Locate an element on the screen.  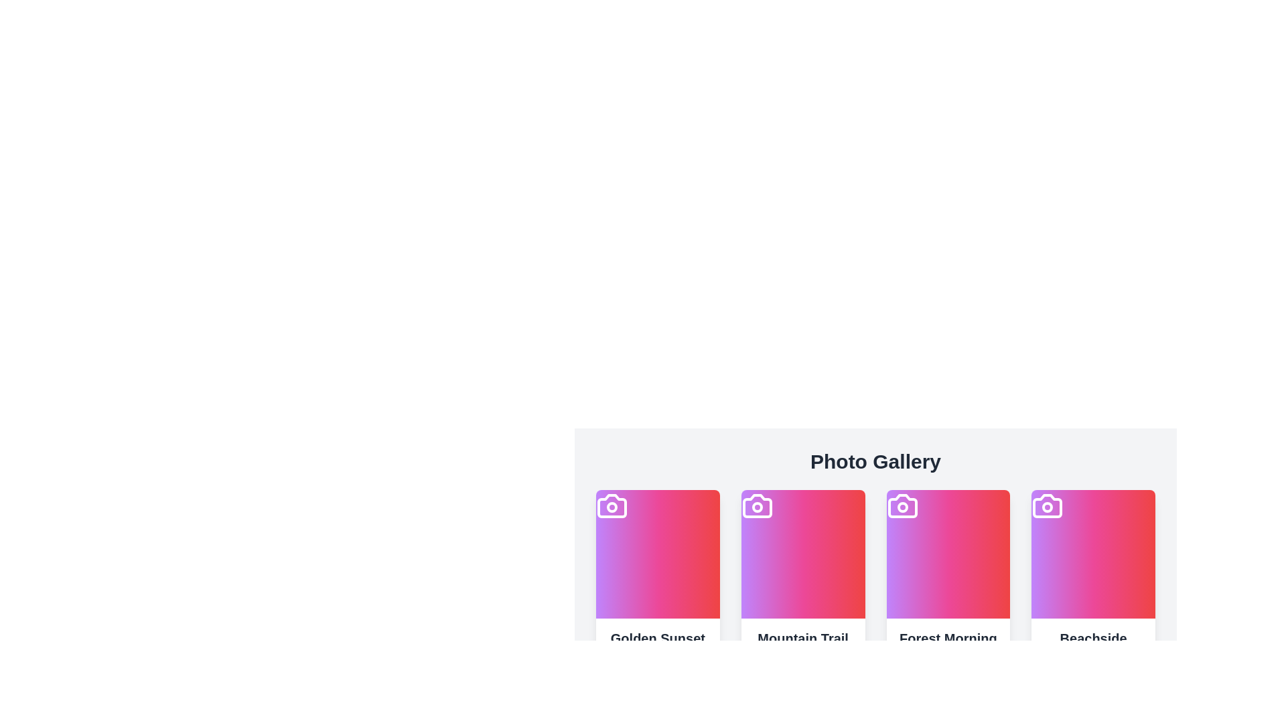
the visual indicator icon for photo actions located at the top center of the fourth card in the photo gallery section is located at coordinates (1047, 506).